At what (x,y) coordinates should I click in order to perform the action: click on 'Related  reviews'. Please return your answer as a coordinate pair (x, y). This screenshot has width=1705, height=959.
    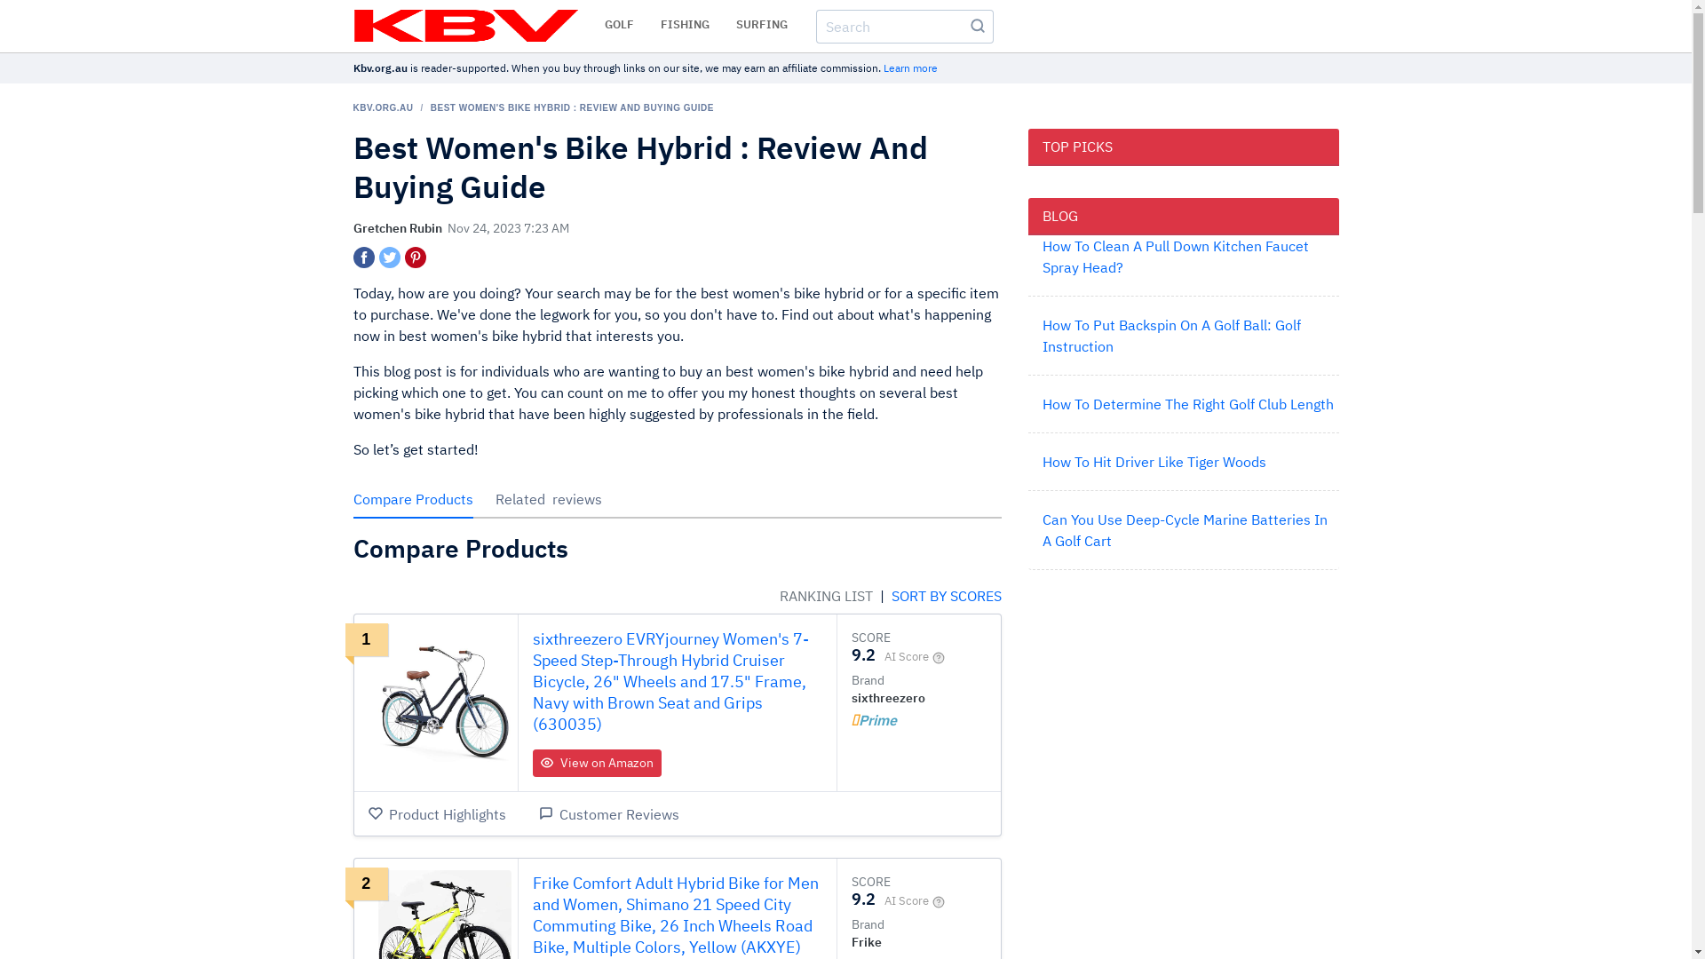
    Looking at the image, I should click on (548, 499).